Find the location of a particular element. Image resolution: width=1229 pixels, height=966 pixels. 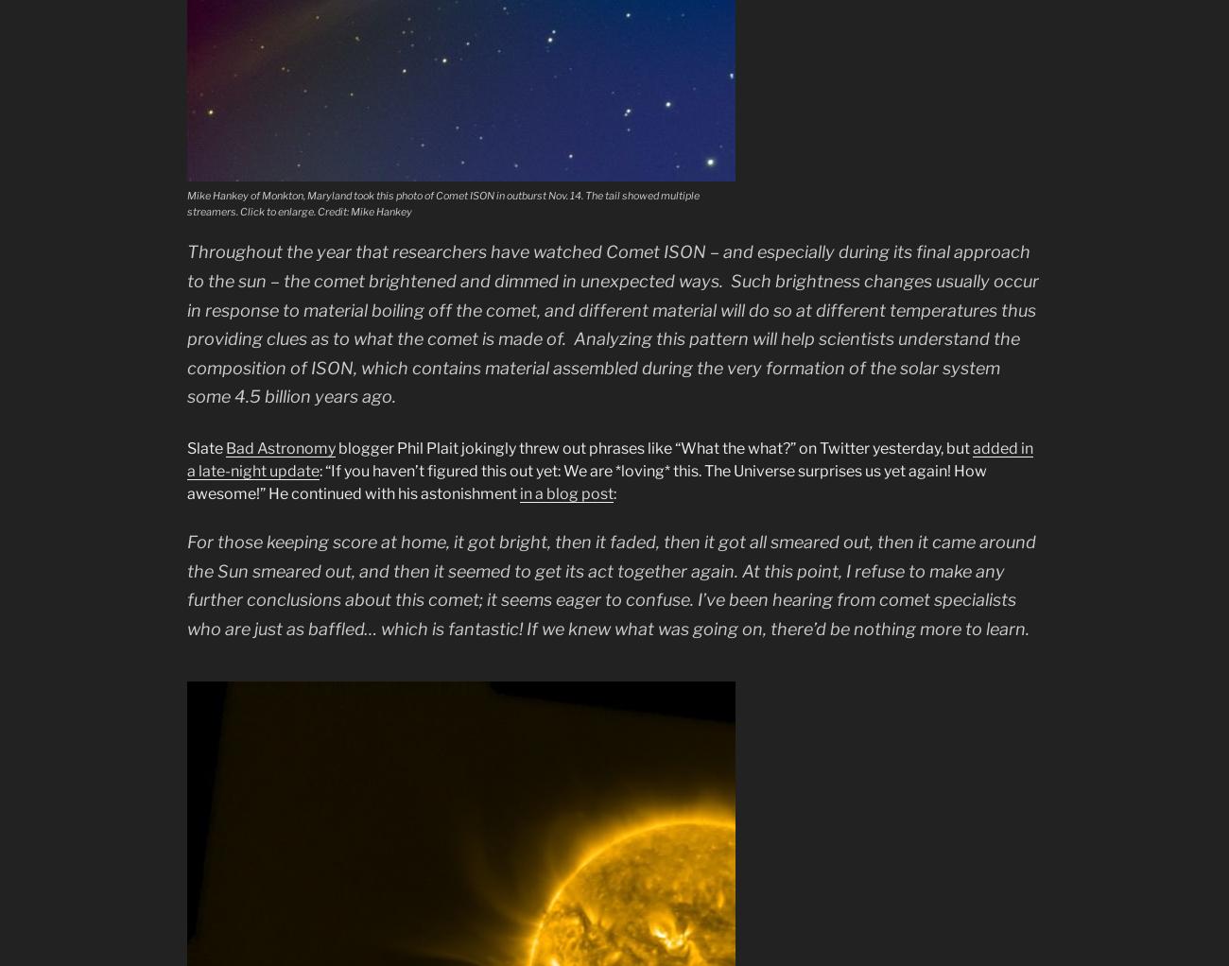

': “If you haven’t figured this out yet: We are *loving* this. The Universe surprises us yet again! How awesome!” He continued with his astonishment' is located at coordinates (587, 481).